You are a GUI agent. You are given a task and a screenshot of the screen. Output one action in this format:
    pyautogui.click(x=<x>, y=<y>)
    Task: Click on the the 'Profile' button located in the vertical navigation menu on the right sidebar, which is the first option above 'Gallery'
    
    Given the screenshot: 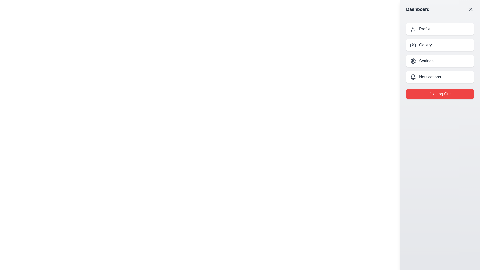 What is the action you would take?
    pyautogui.click(x=440, y=29)
    